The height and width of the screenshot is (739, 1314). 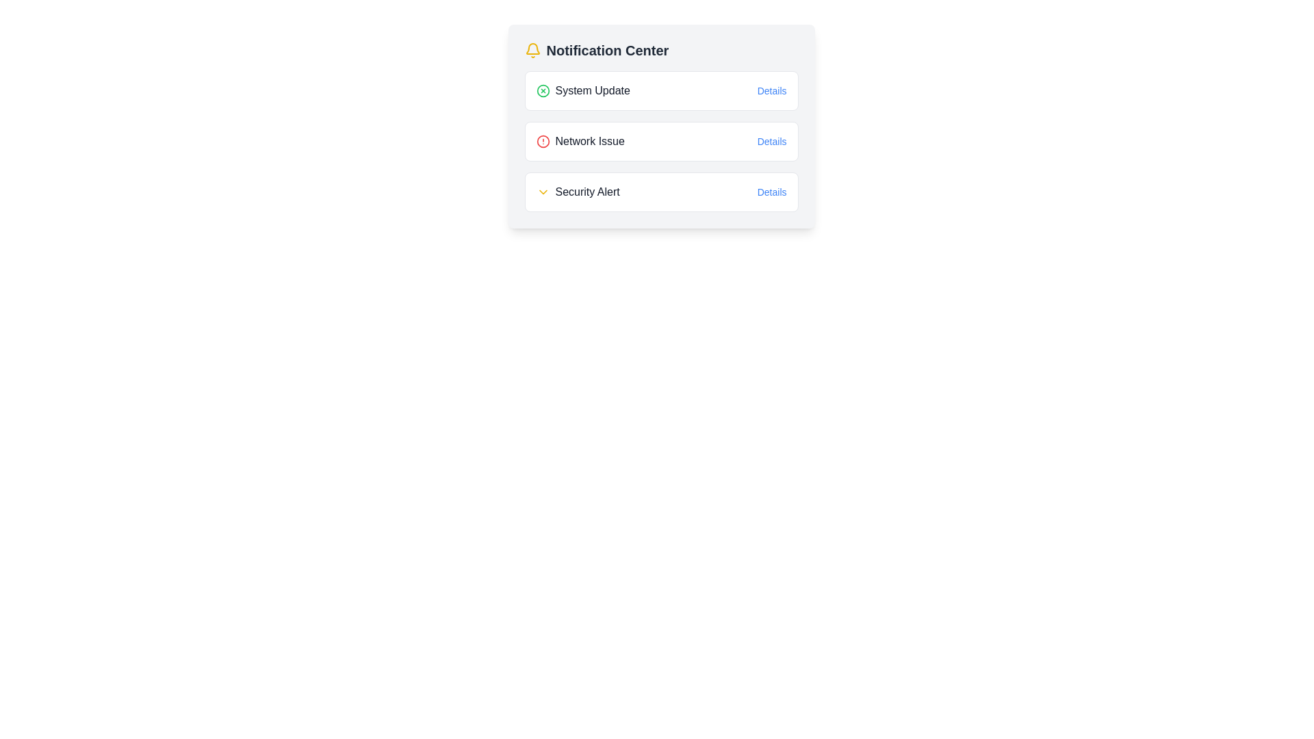 What do you see at coordinates (542, 90) in the screenshot?
I see `the status icon representing the 'System Update' notification, located to the left of the 'System Update' text` at bounding box center [542, 90].